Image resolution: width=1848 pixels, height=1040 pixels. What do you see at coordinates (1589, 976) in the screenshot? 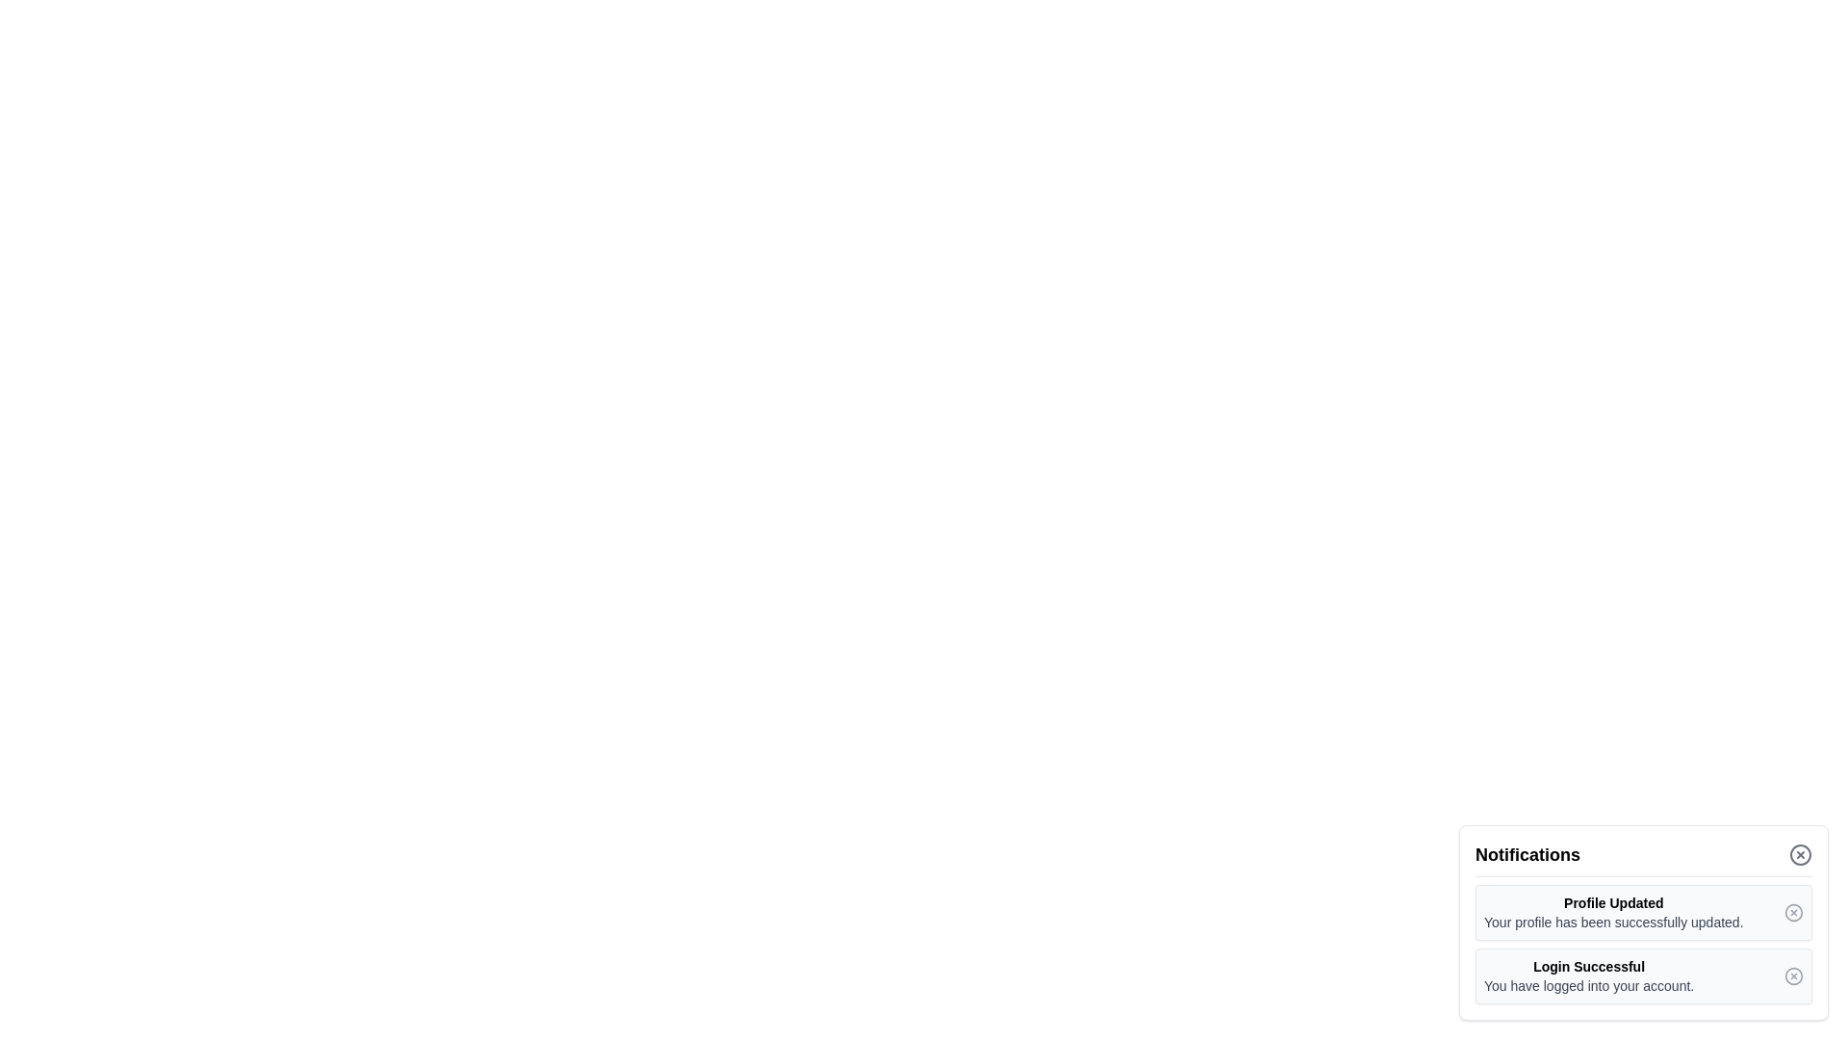
I see `text content of the notification message displaying 'Login Successful' with the description 'You have logged into your account.'` at bounding box center [1589, 976].